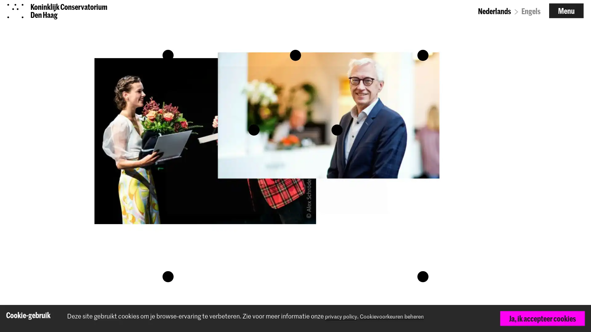 Image resolution: width=591 pixels, height=332 pixels. Describe the element at coordinates (566, 14) in the screenshot. I see `Menu` at that location.